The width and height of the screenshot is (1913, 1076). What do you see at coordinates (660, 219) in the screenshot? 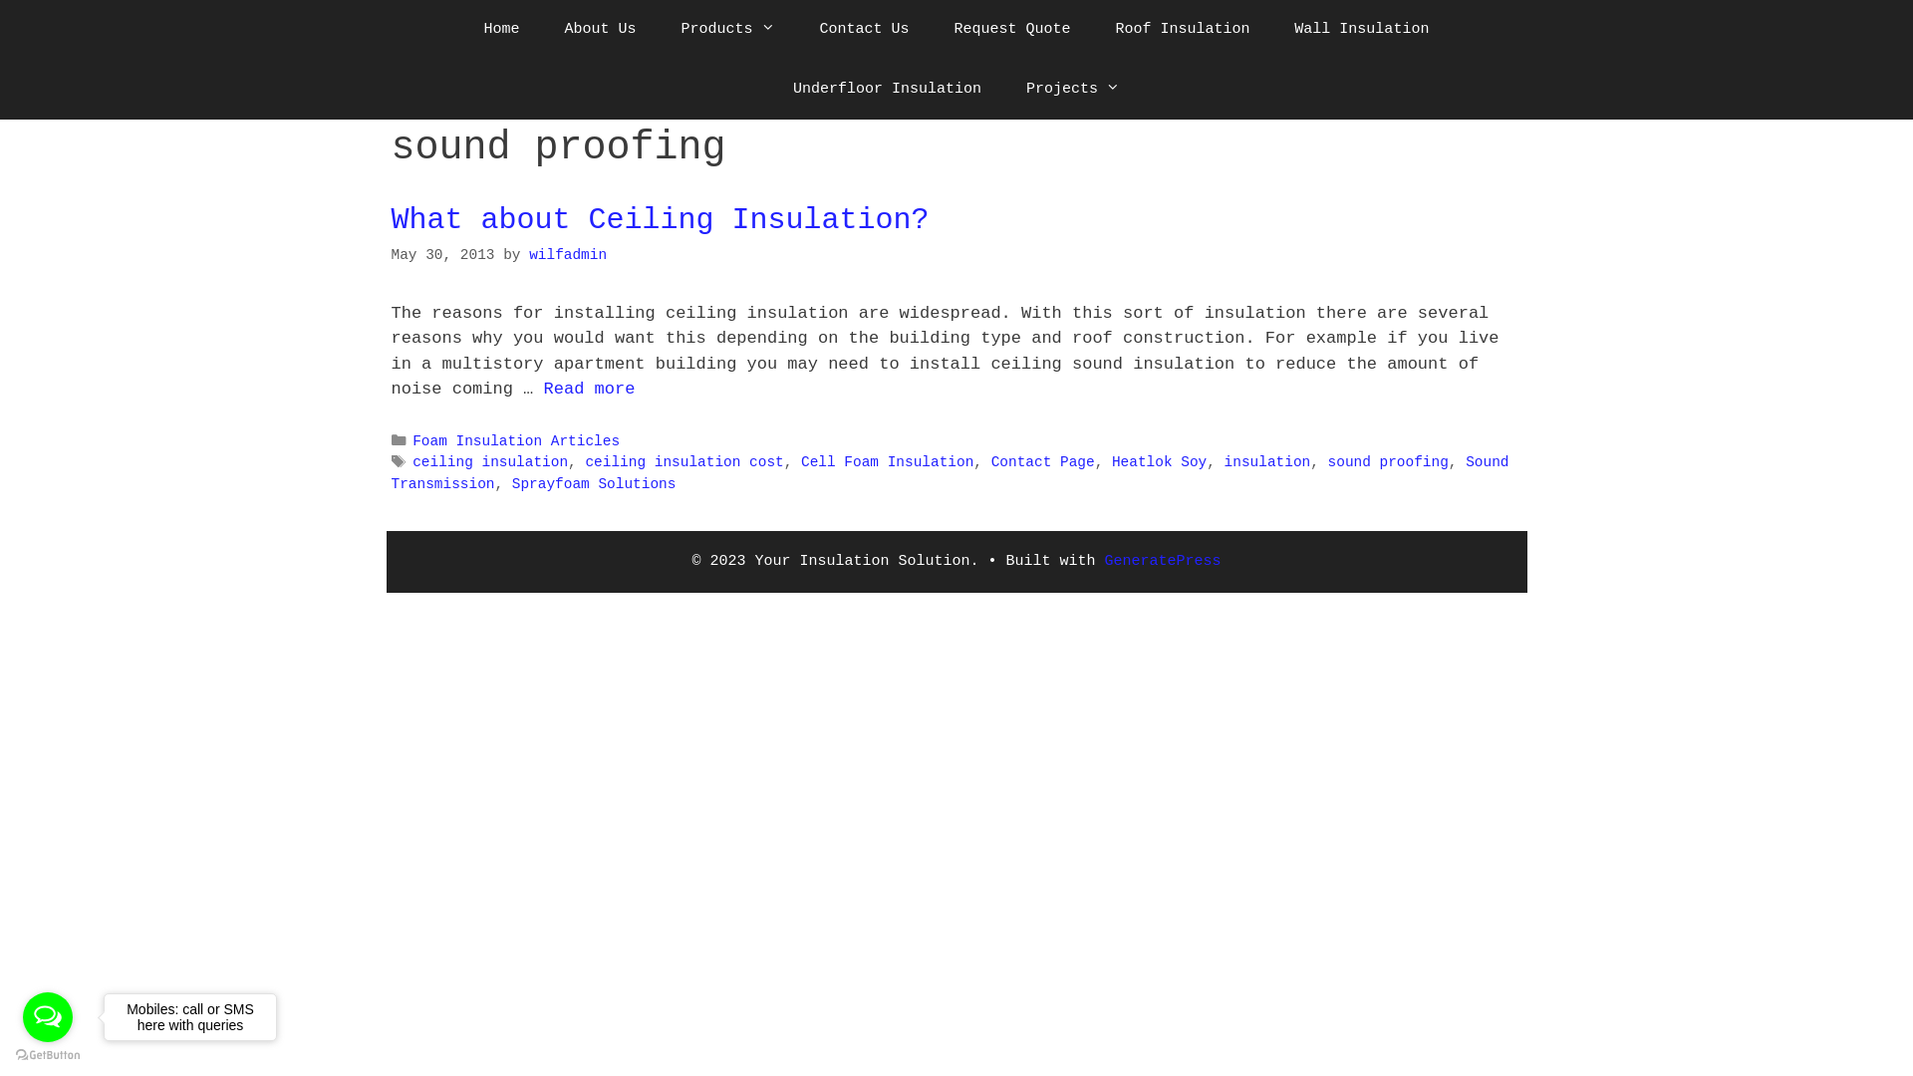
I see `'What about Ceiling Insulation?'` at bounding box center [660, 219].